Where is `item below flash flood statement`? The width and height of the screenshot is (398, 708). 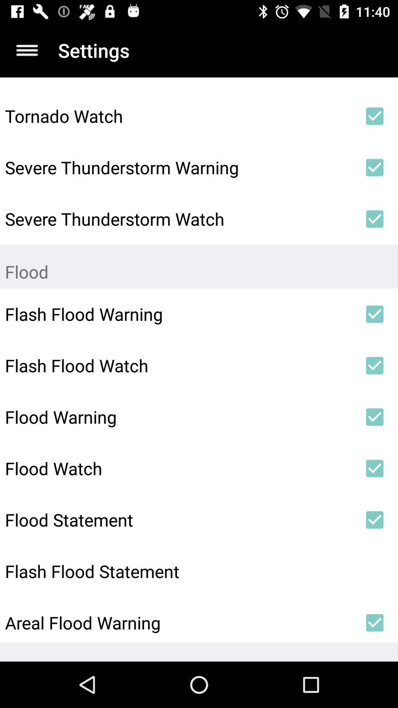
item below flash flood statement is located at coordinates (178, 622).